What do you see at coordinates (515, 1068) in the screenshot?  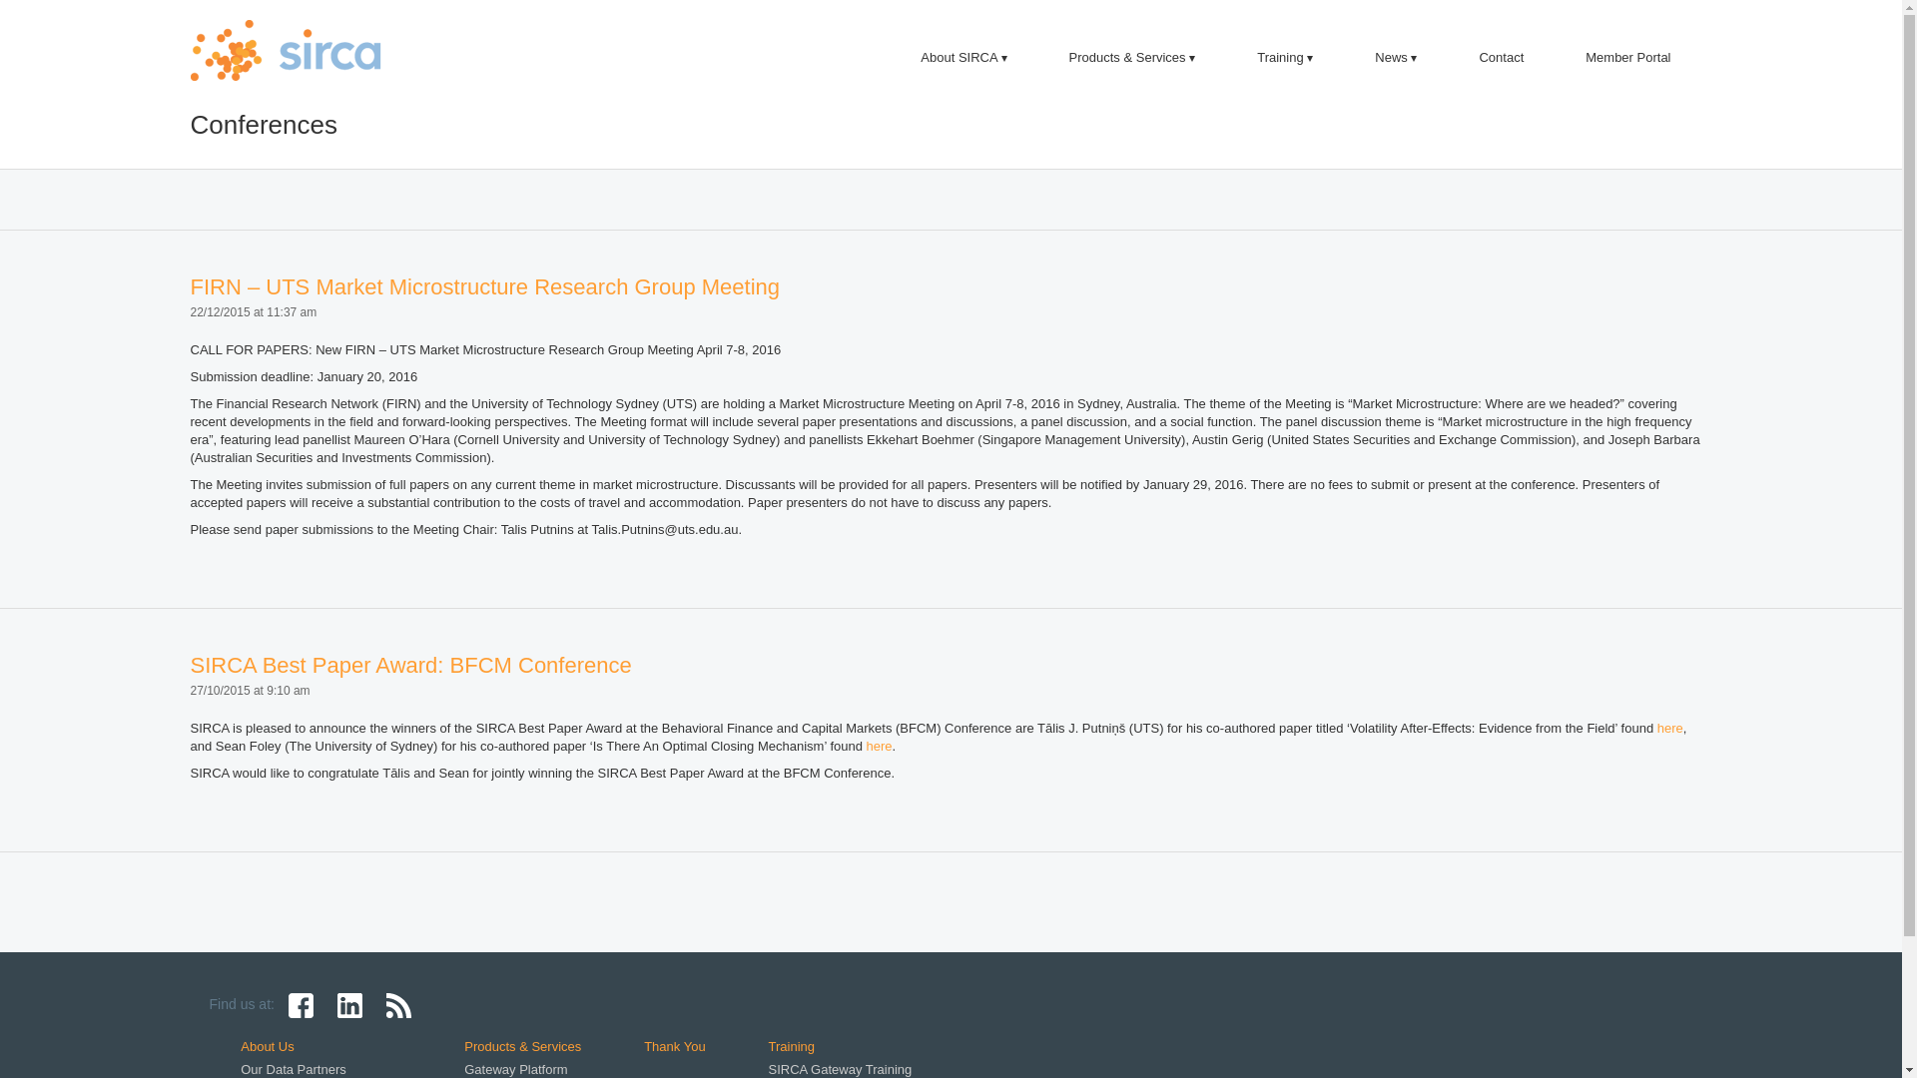 I see `'Gateway Platform'` at bounding box center [515, 1068].